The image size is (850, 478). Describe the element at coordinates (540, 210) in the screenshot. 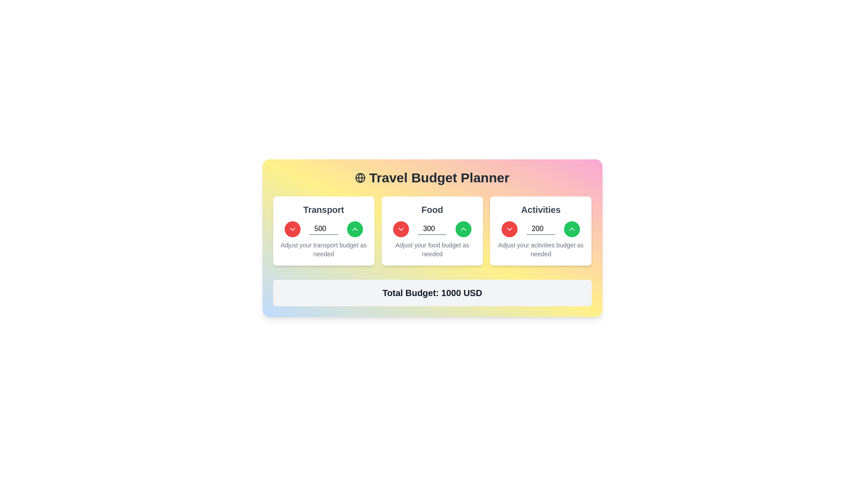

I see `the 'Activities' label, which is styled with a bold, capitalized font and located at the top section of the 'Activities' card in the 'Travel Budget Planner' interface` at that location.